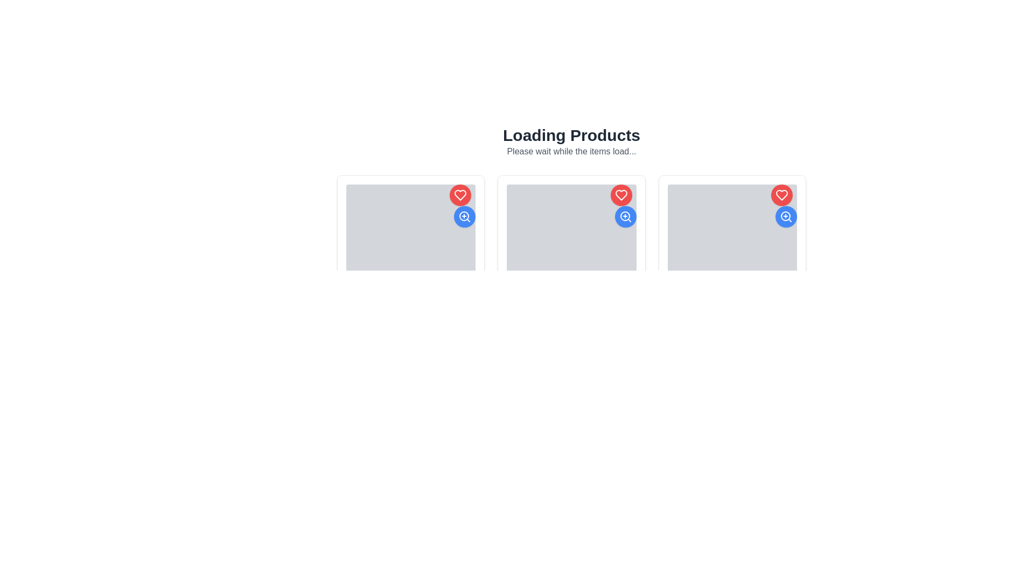  Describe the element at coordinates (465, 216) in the screenshot. I see `the zoom-in button located at the bottom-right corner of the second card` at that location.